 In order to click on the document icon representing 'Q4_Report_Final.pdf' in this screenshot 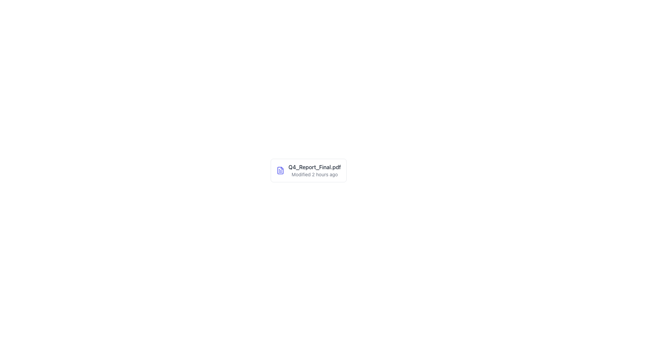, I will do `click(280, 170)`.